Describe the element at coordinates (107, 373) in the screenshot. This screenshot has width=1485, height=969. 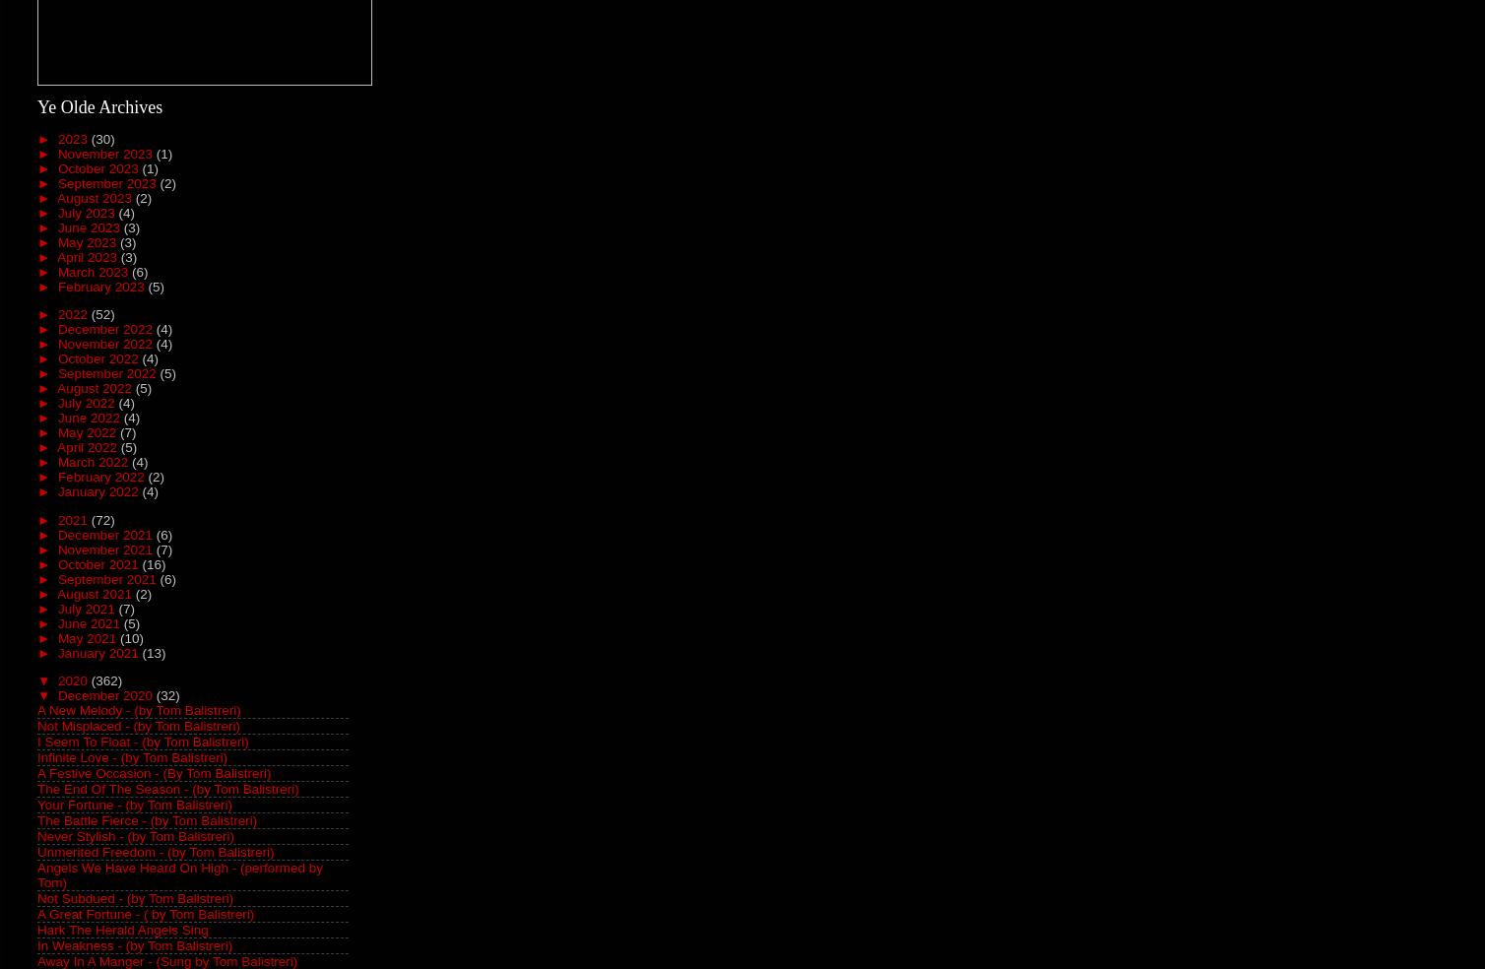
I see `'September 2022'` at that location.